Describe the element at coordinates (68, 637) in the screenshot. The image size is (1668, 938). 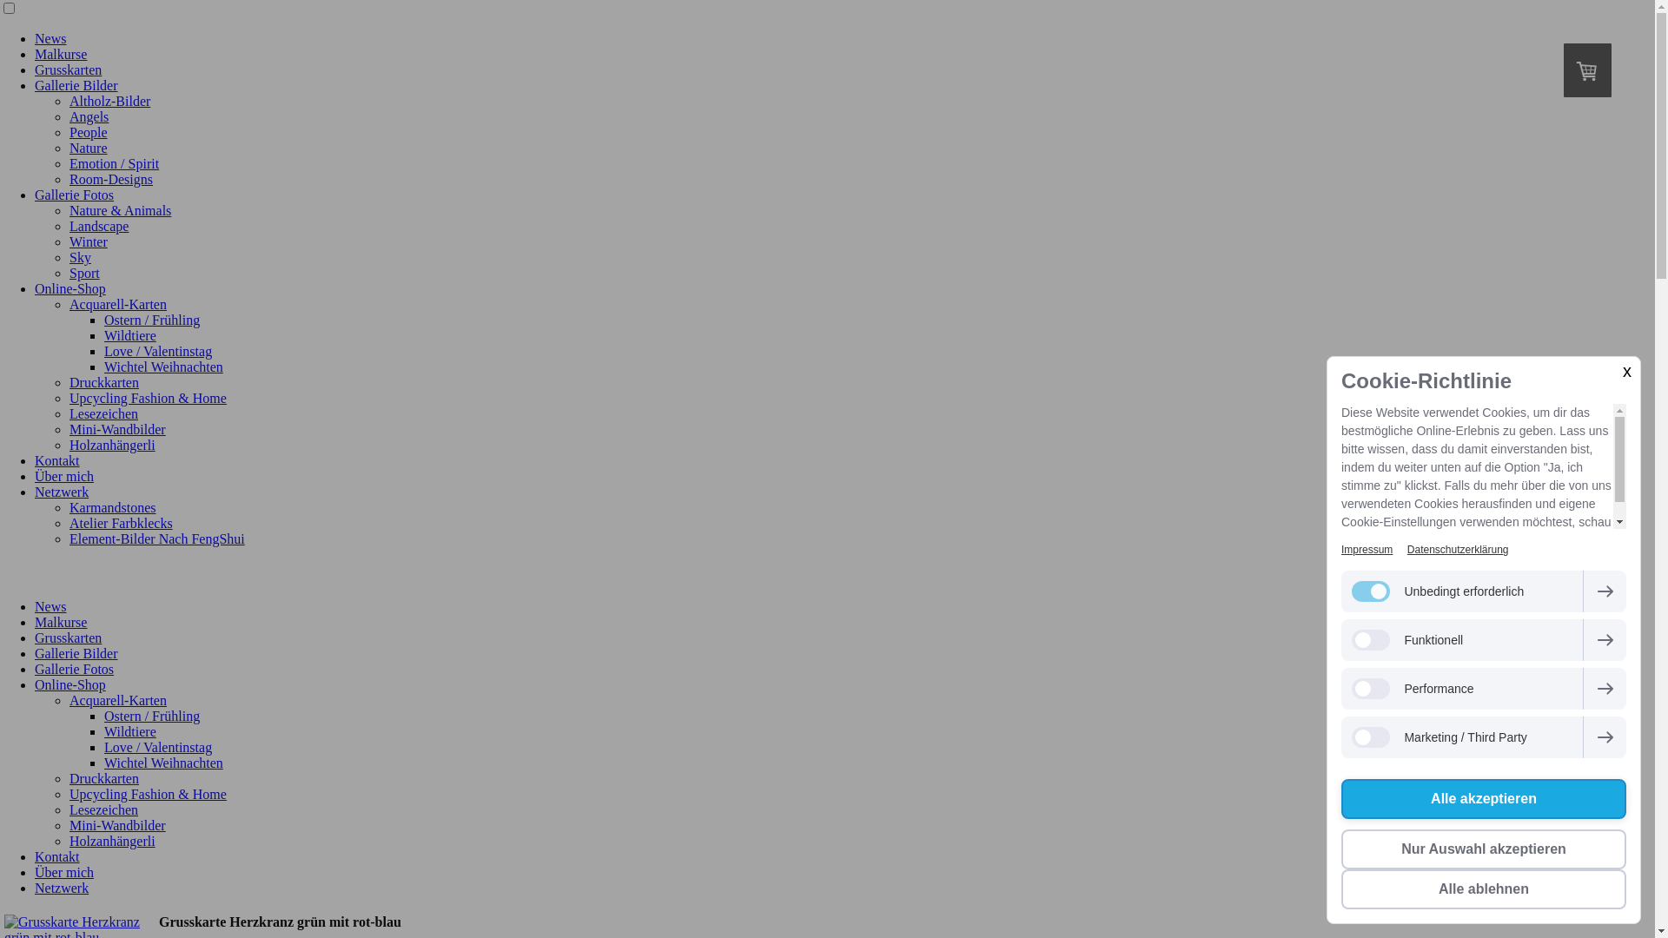
I see `'Grusskarten'` at that location.